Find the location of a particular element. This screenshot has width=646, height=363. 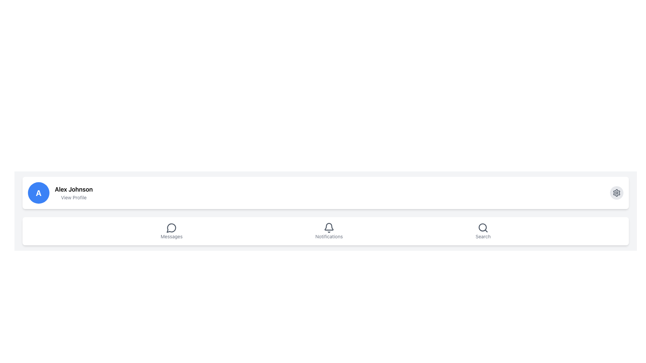

the circular component within the magnifying glass icon located to the right of the navigation bar labeled 'Search' is located at coordinates (482, 227).